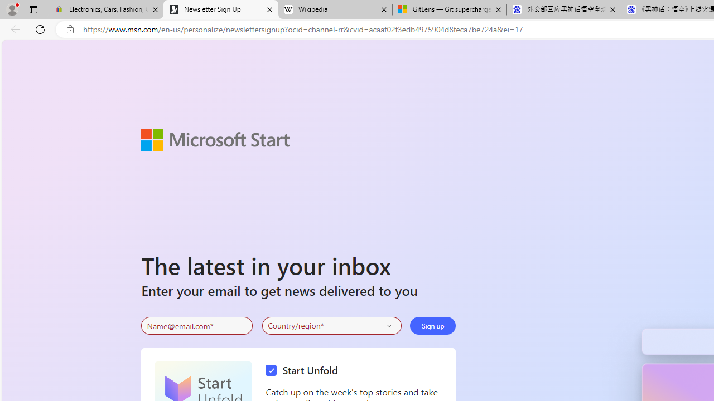 This screenshot has width=714, height=401. What do you see at coordinates (106, 9) in the screenshot?
I see `'Electronics, Cars, Fashion, Collectibles & More | eBay'` at bounding box center [106, 9].